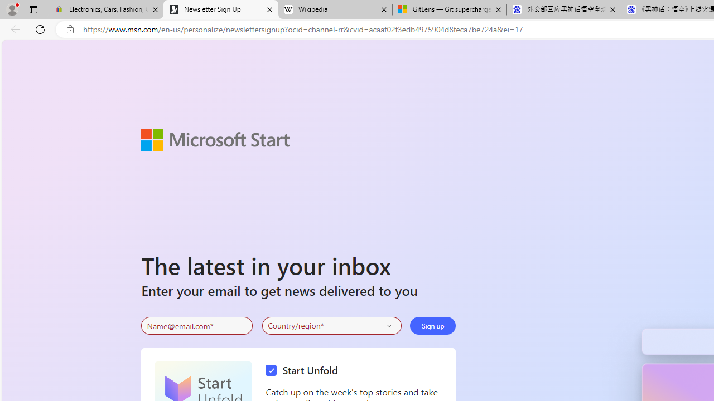 This screenshot has width=714, height=401. What do you see at coordinates (106, 9) in the screenshot?
I see `'Electronics, Cars, Fashion, Collectibles & More | eBay'` at bounding box center [106, 9].